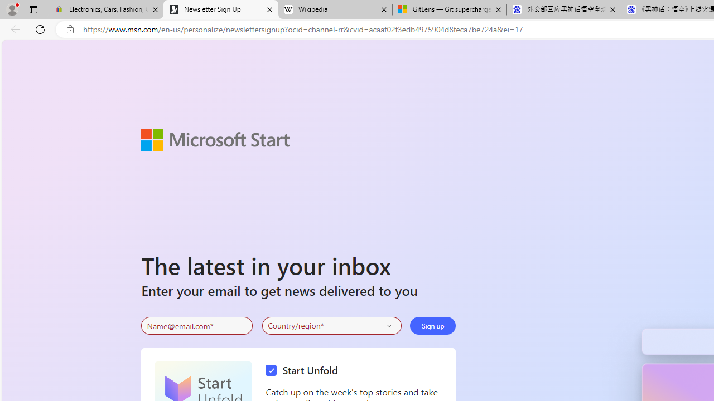 This screenshot has width=714, height=401. What do you see at coordinates (106, 9) in the screenshot?
I see `'Electronics, Cars, Fashion, Collectibles & More | eBay'` at bounding box center [106, 9].